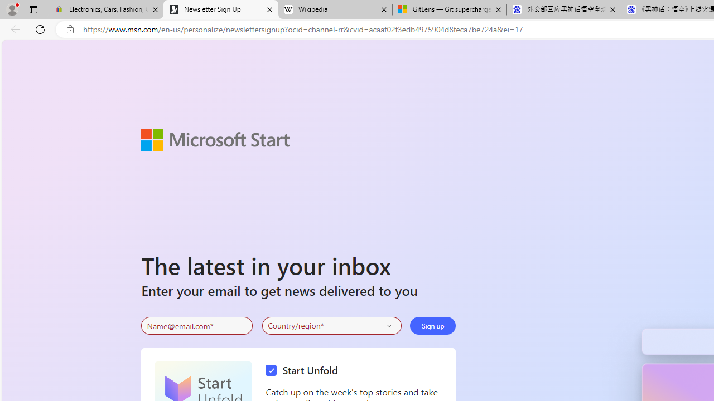 This screenshot has width=714, height=401. What do you see at coordinates (106, 9) in the screenshot?
I see `'Electronics, Cars, Fashion, Collectibles & More | eBay'` at bounding box center [106, 9].